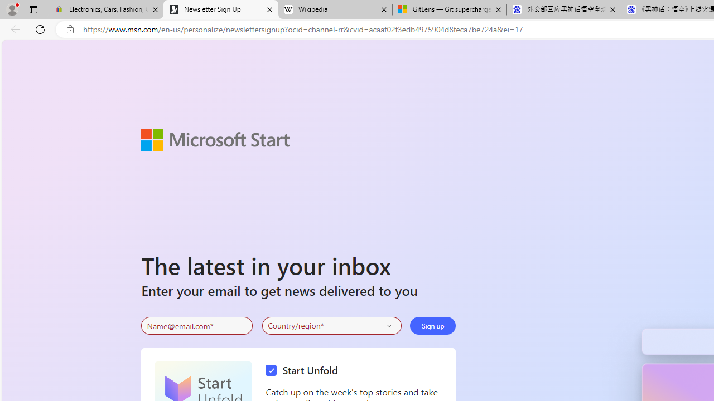 This screenshot has width=714, height=401. What do you see at coordinates (106, 9) in the screenshot?
I see `'Electronics, Cars, Fashion, Collectibles & More | eBay'` at bounding box center [106, 9].